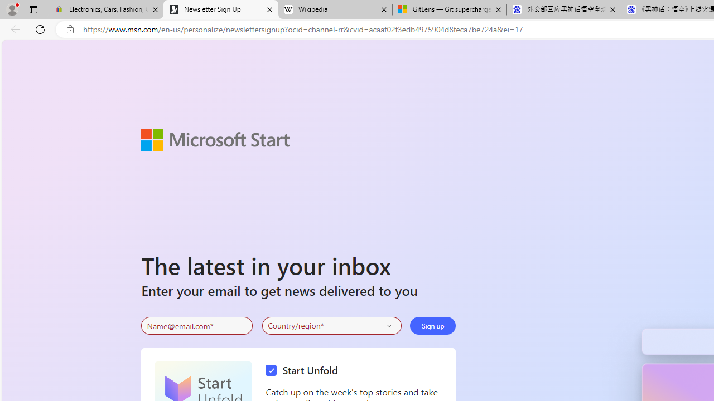 This screenshot has width=714, height=401. What do you see at coordinates (106, 9) in the screenshot?
I see `'Electronics, Cars, Fashion, Collectibles & More | eBay'` at bounding box center [106, 9].